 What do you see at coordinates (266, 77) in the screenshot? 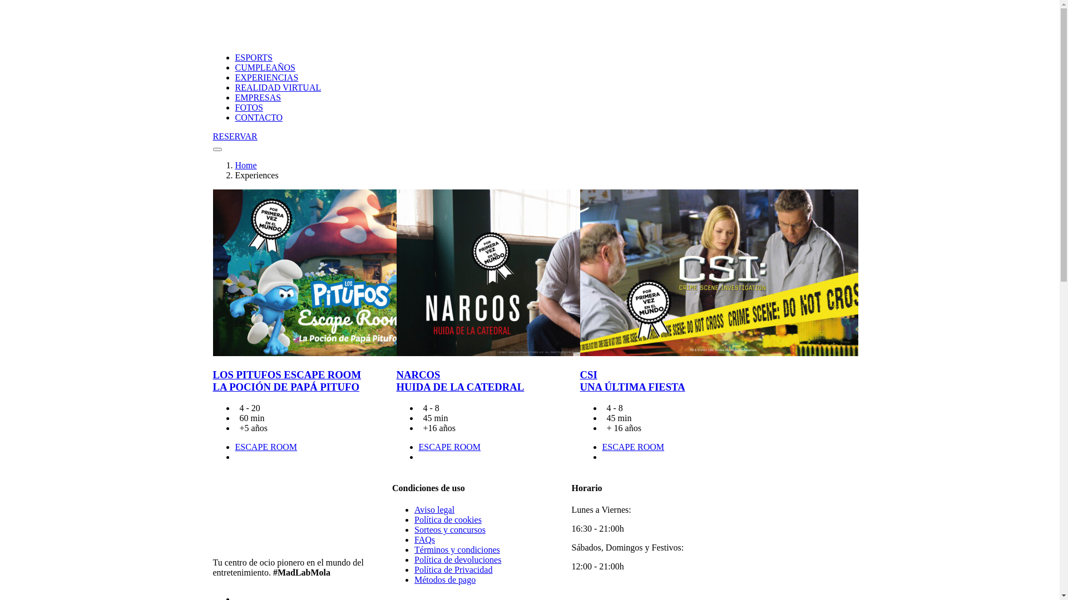
I see `'EXPERIENCIAS'` at bounding box center [266, 77].